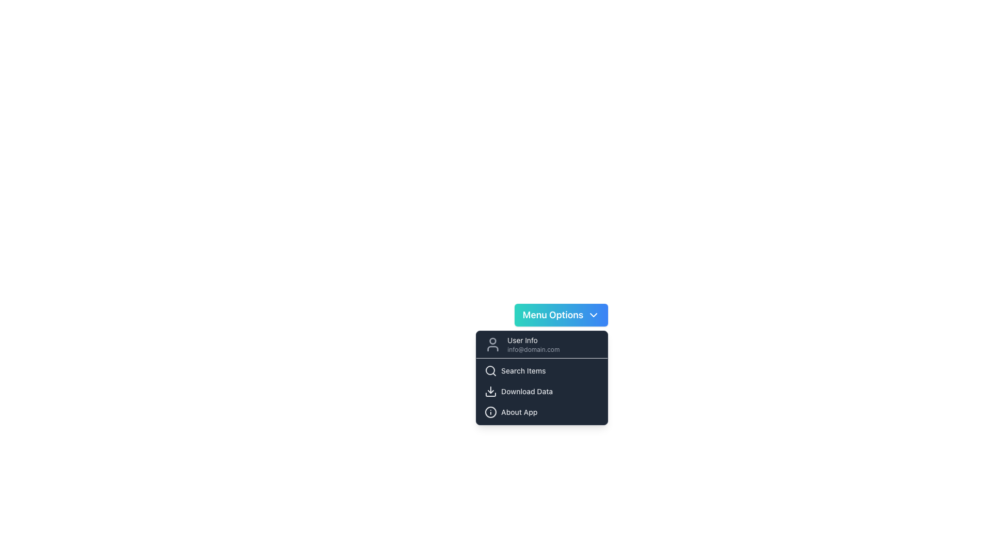 Image resolution: width=992 pixels, height=558 pixels. What do you see at coordinates (490, 370) in the screenshot?
I see `the circular magnifying glass icon in the second item of the dropdown menu labeled 'Search Items' to interact with the associated menu item` at bounding box center [490, 370].